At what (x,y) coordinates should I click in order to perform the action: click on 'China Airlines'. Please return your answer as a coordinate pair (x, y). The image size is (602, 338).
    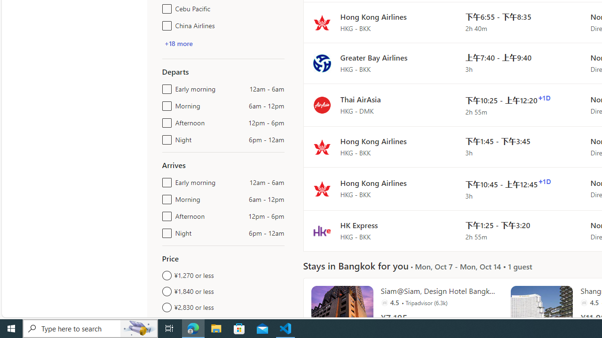
    Looking at the image, I should click on (165, 23).